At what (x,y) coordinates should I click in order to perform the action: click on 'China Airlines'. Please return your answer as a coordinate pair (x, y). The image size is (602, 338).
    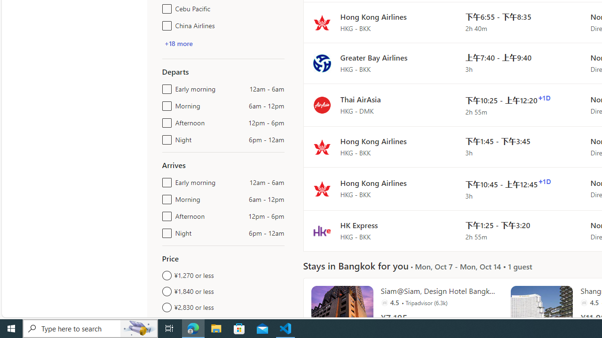
    Looking at the image, I should click on (165, 23).